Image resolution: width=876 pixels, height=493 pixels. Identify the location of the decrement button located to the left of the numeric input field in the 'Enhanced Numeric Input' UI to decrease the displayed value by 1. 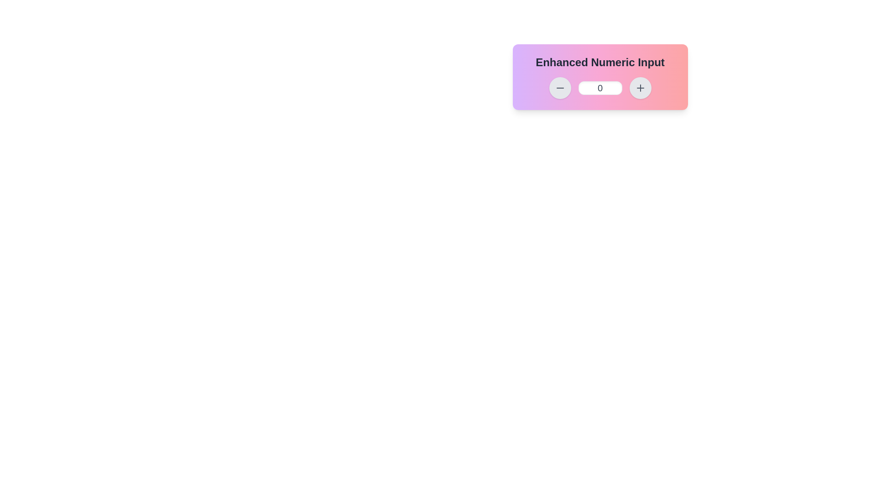
(559, 88).